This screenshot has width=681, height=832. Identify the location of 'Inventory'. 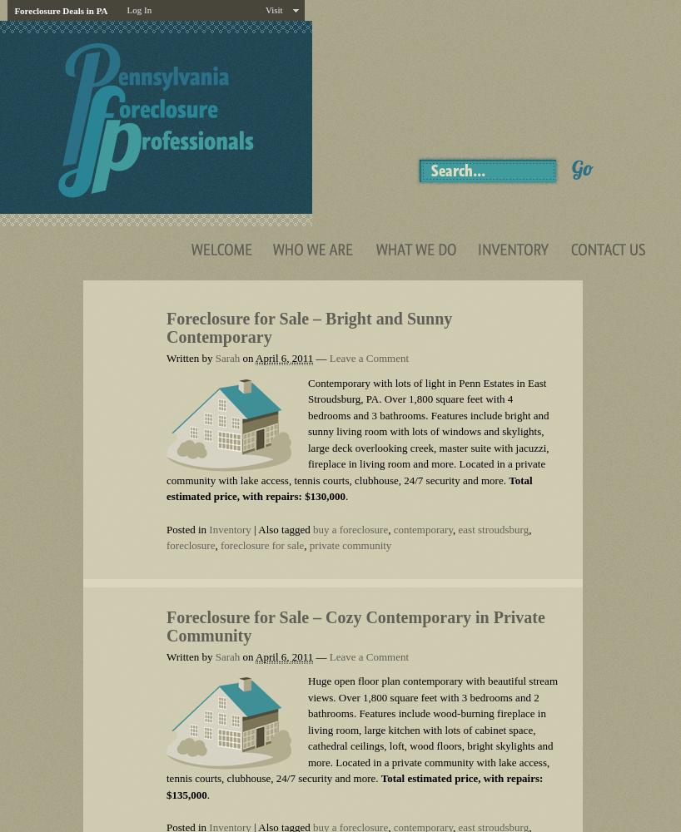
(228, 528).